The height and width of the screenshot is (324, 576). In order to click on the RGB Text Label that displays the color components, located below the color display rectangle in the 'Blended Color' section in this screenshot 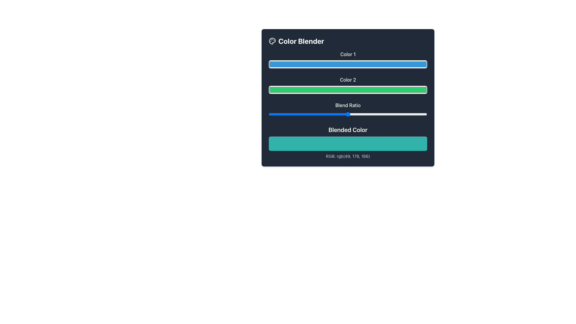, I will do `click(348, 156)`.